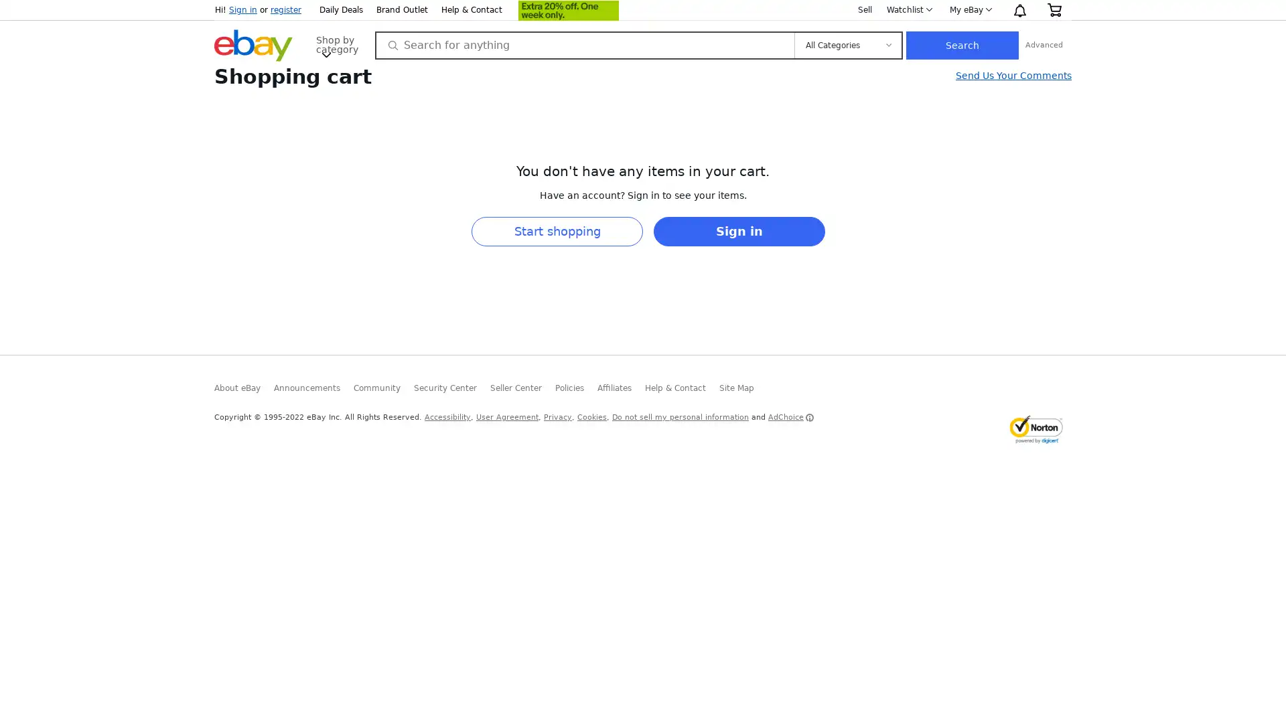 The width and height of the screenshot is (1286, 723). What do you see at coordinates (340, 43) in the screenshot?
I see `Shop by category` at bounding box center [340, 43].